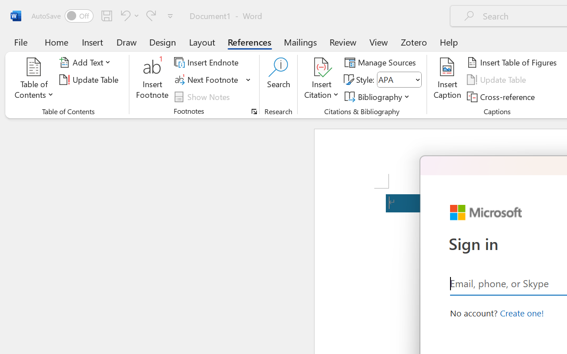 The image size is (567, 354). What do you see at coordinates (152, 79) in the screenshot?
I see `'Insert Footnote'` at bounding box center [152, 79].